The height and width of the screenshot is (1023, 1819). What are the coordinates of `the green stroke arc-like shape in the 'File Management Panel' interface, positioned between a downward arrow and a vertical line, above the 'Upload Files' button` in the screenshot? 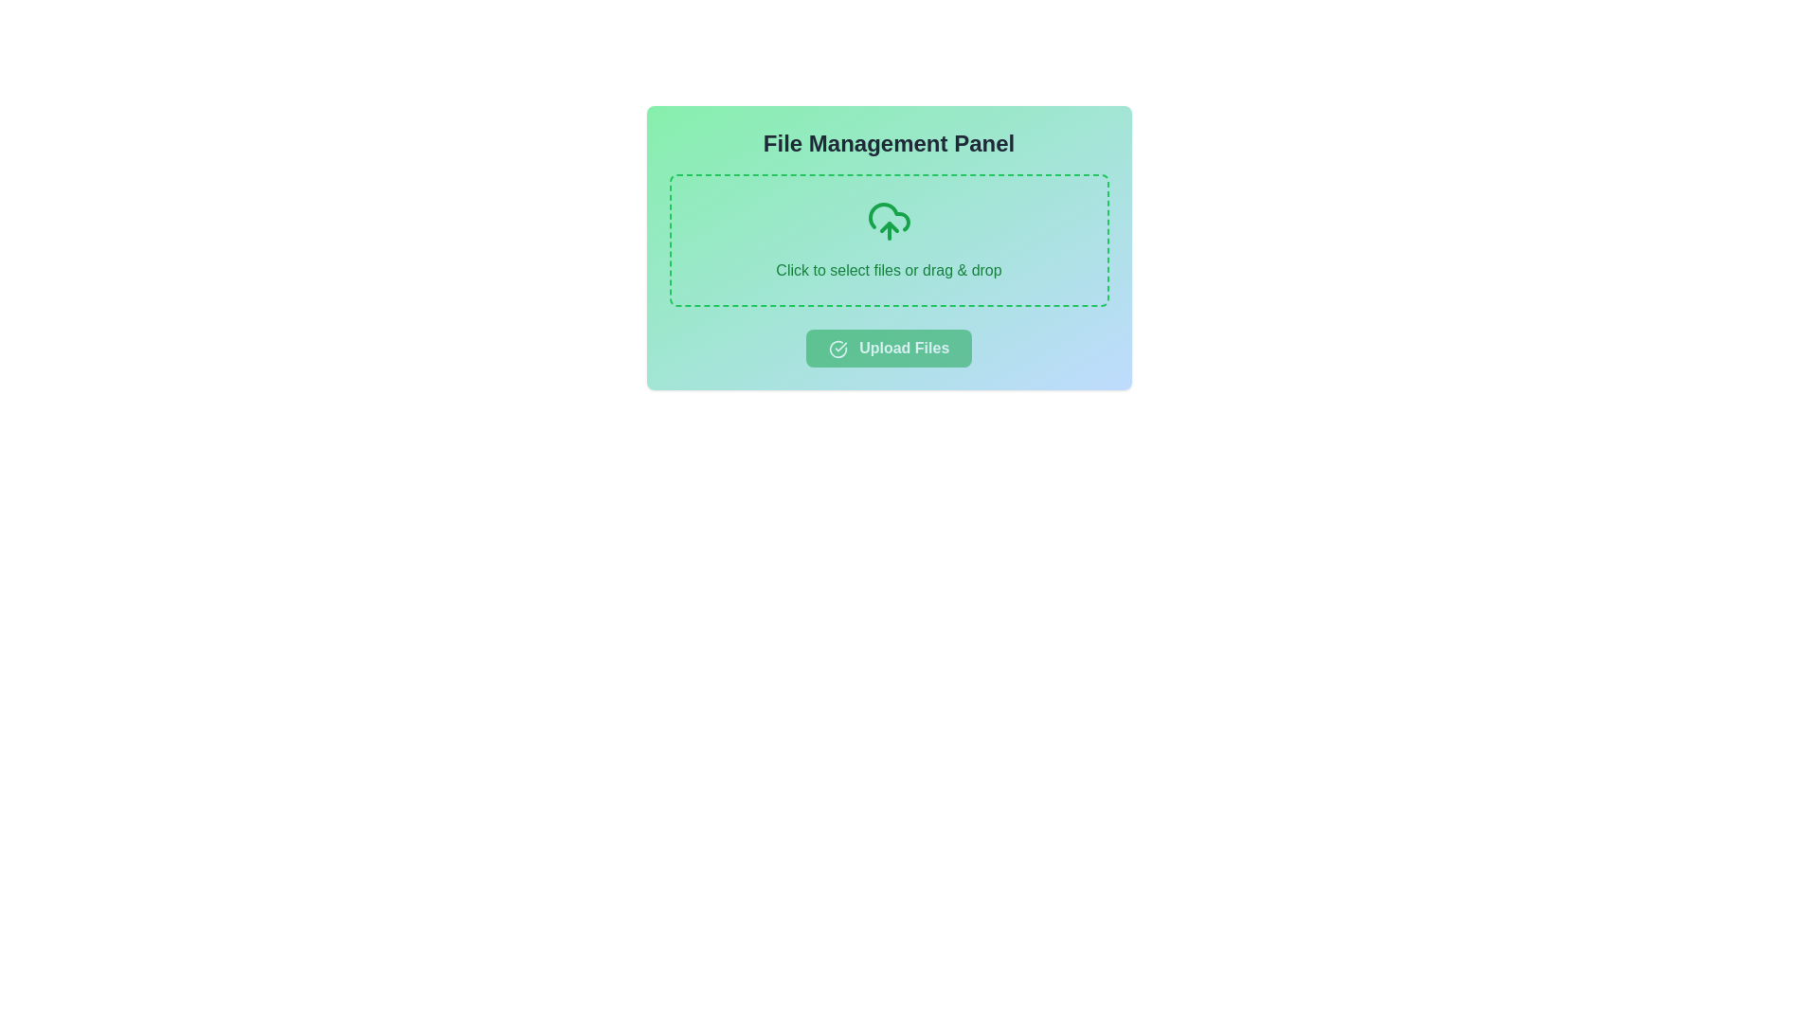 It's located at (888, 216).